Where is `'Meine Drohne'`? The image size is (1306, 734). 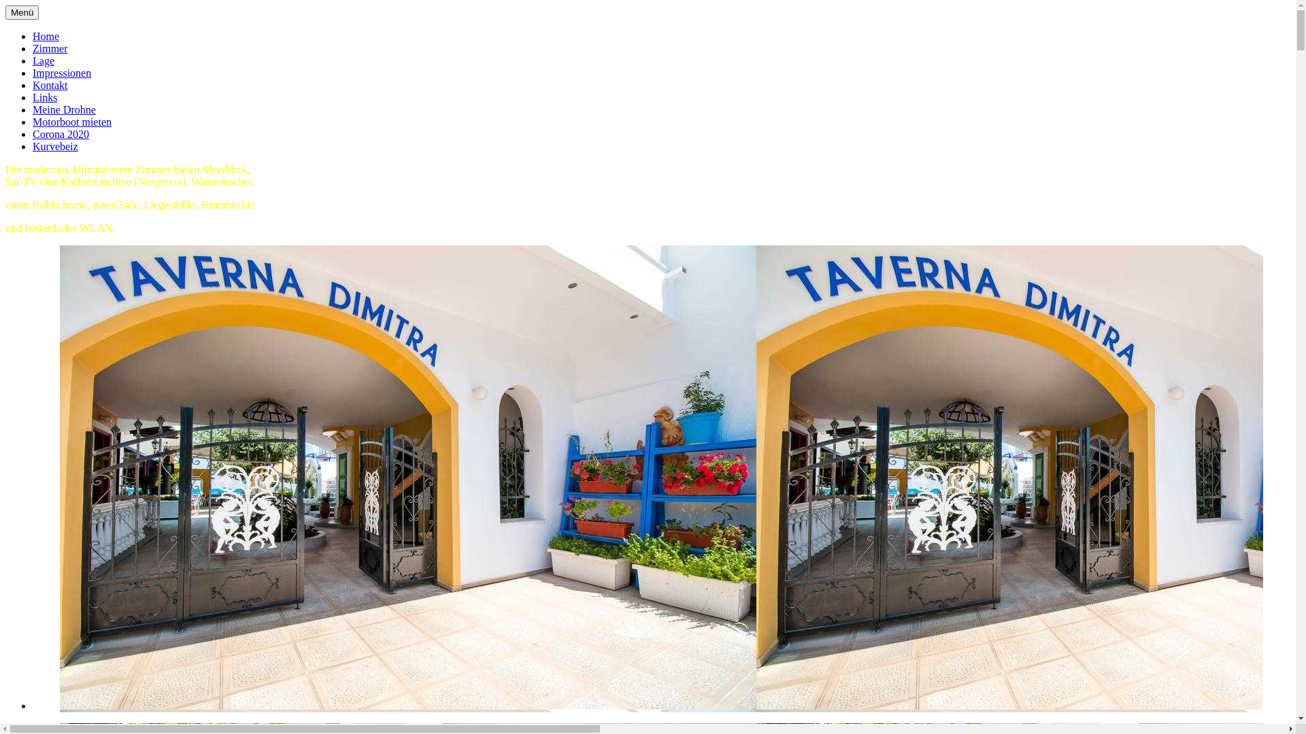
'Meine Drohne' is located at coordinates (63, 109).